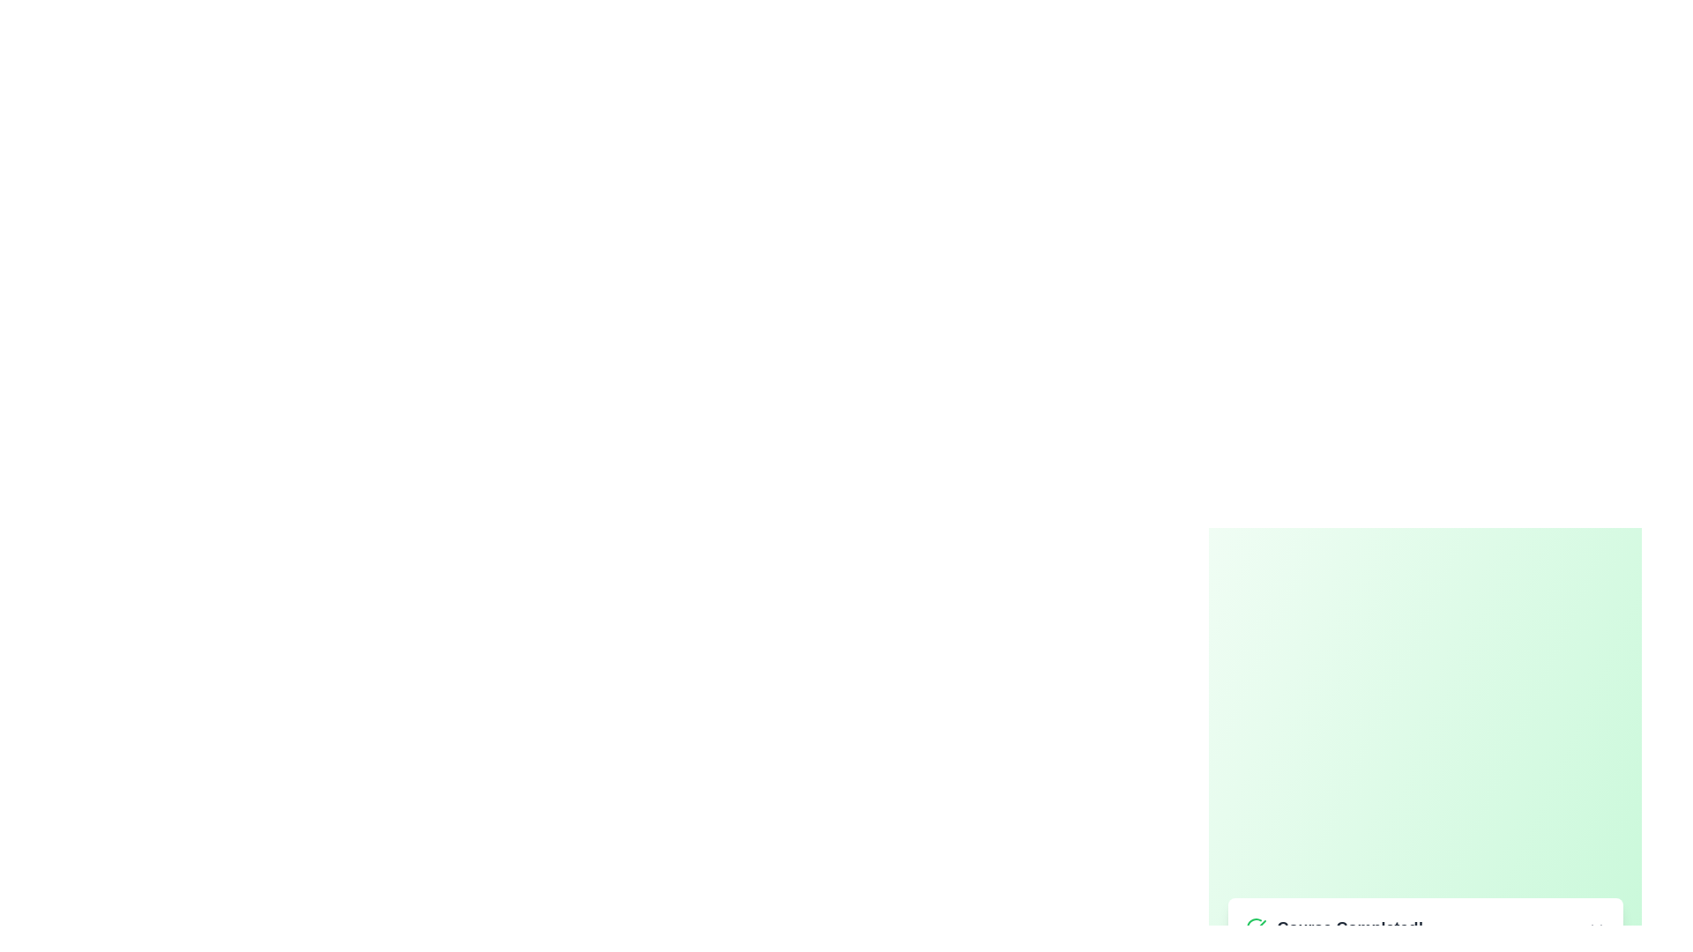 The height and width of the screenshot is (952, 1693). I want to click on the close button to dismiss the alert, so click(1596, 929).